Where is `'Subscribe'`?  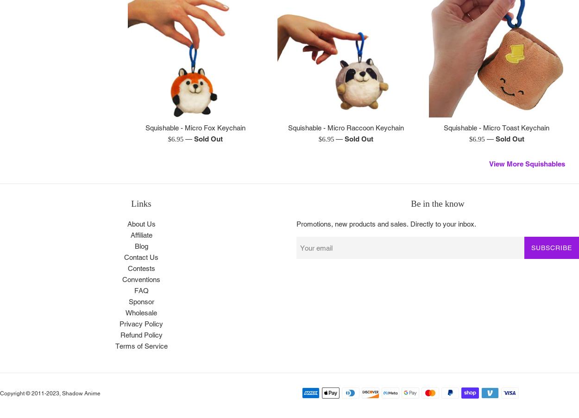
'Subscribe' is located at coordinates (531, 247).